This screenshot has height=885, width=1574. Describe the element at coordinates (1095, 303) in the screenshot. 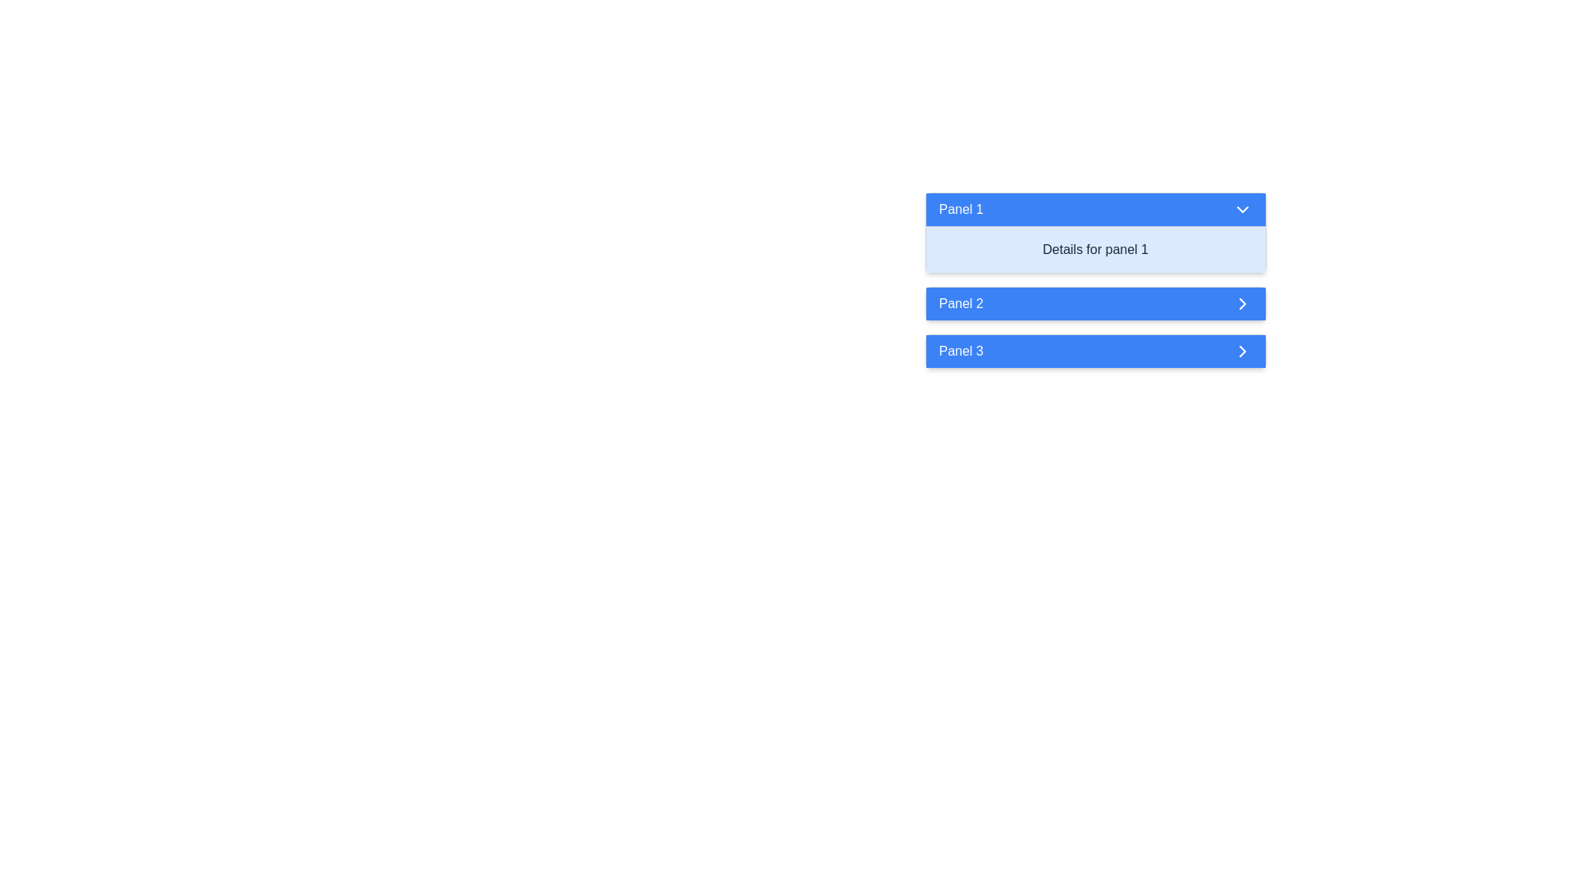

I see `the second button in the vertical list to interact with the content associated with 'Panel 2'` at that location.